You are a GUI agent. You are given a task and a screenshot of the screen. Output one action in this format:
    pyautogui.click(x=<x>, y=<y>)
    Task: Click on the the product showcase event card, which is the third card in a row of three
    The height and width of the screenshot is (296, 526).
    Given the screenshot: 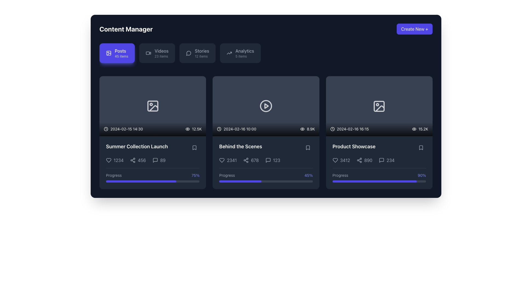 What is the action you would take?
    pyautogui.click(x=379, y=132)
    